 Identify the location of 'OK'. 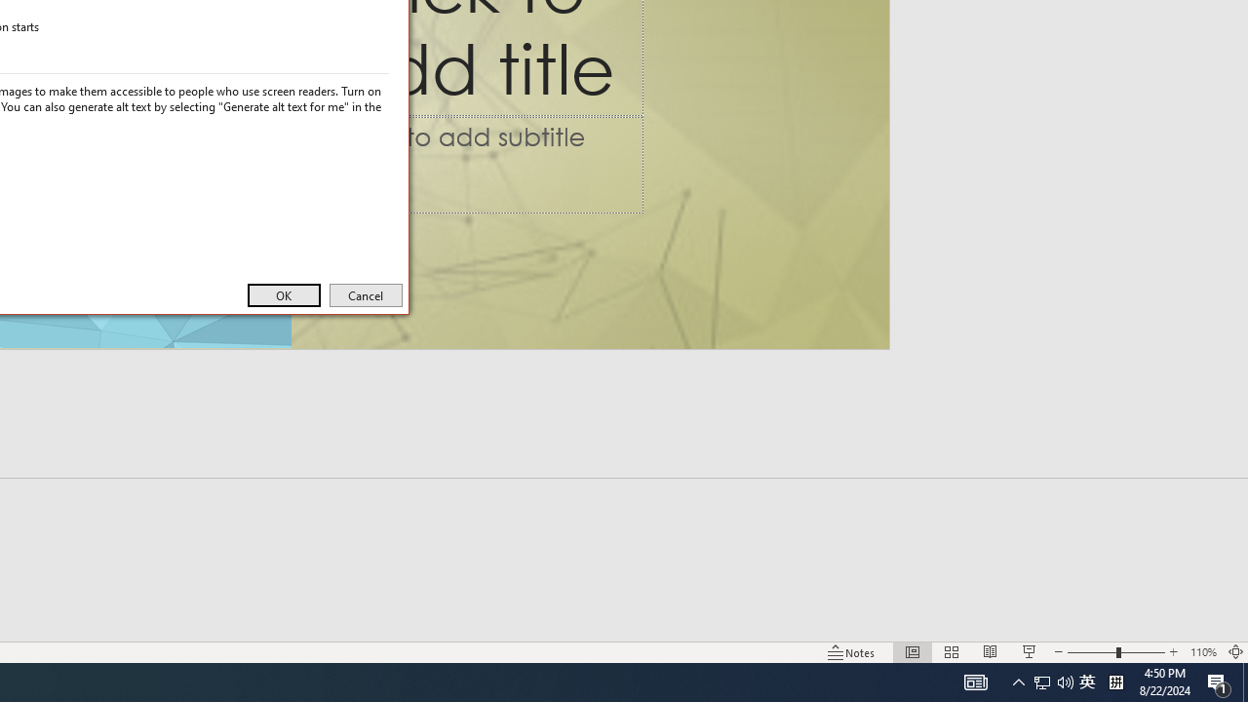
(283, 295).